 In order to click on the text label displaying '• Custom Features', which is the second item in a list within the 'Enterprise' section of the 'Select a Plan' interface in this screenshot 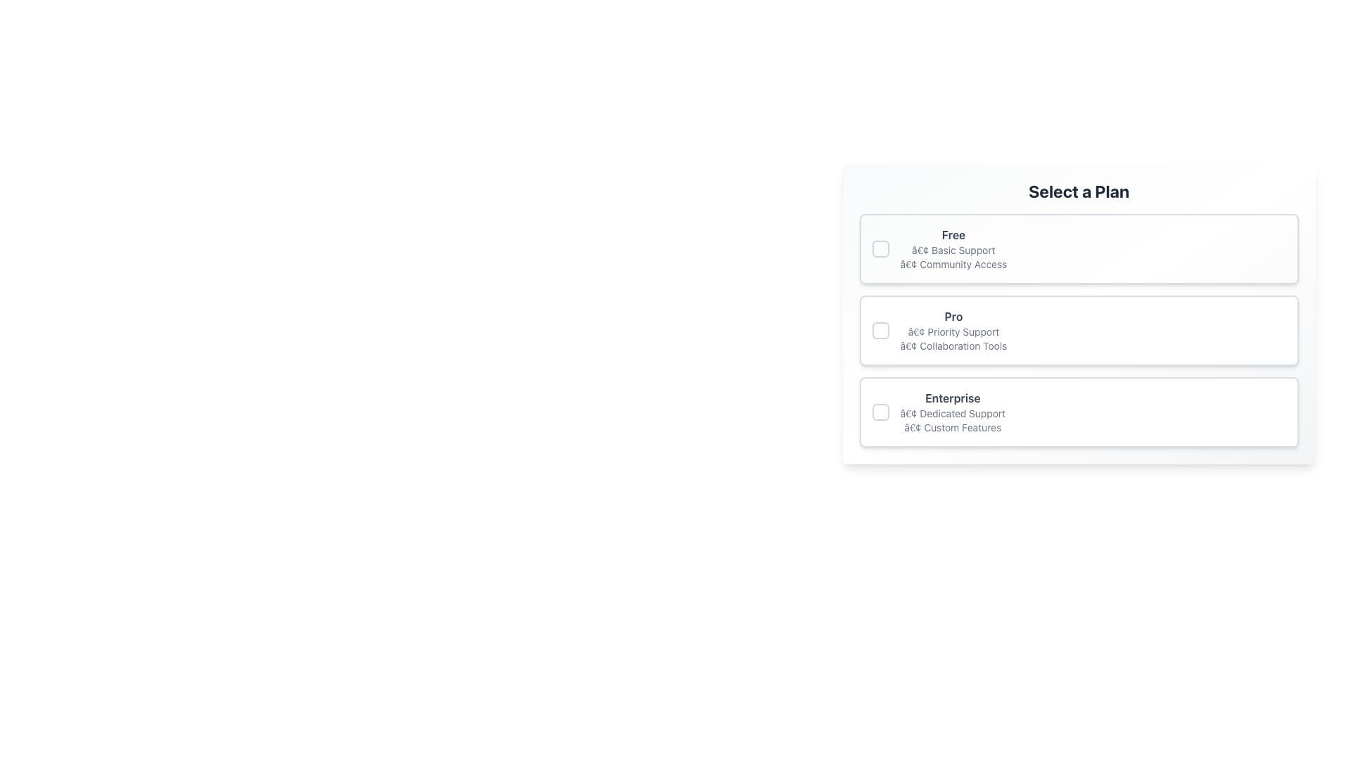, I will do `click(953, 427)`.